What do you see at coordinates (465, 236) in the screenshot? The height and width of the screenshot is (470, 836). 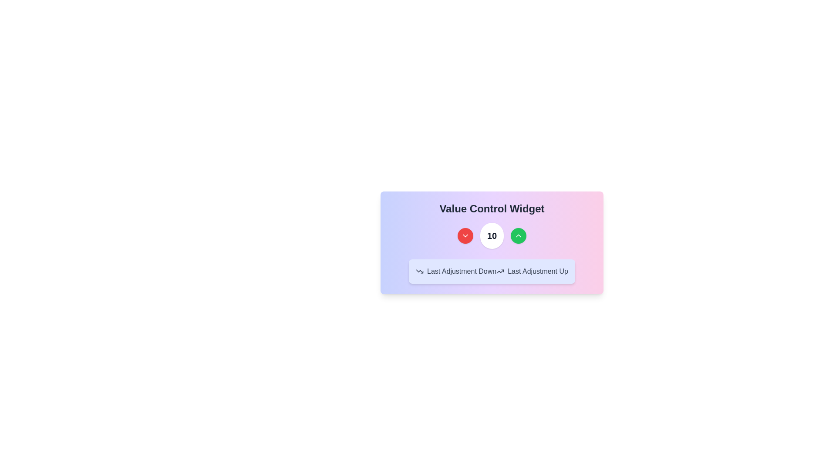 I see `the decrement button located on the leftmost side of the row, which decreases the displayed numeric value when interacted with` at bounding box center [465, 236].